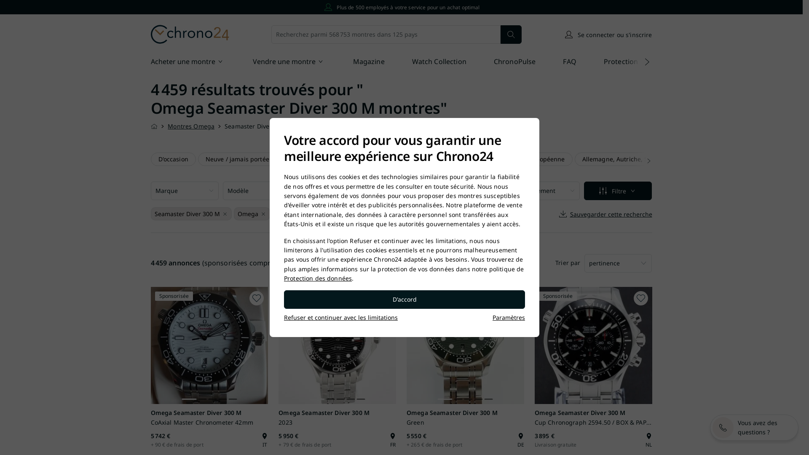 Image resolution: width=809 pixels, height=455 pixels. What do you see at coordinates (439, 62) in the screenshot?
I see `'Watch Collection'` at bounding box center [439, 62].